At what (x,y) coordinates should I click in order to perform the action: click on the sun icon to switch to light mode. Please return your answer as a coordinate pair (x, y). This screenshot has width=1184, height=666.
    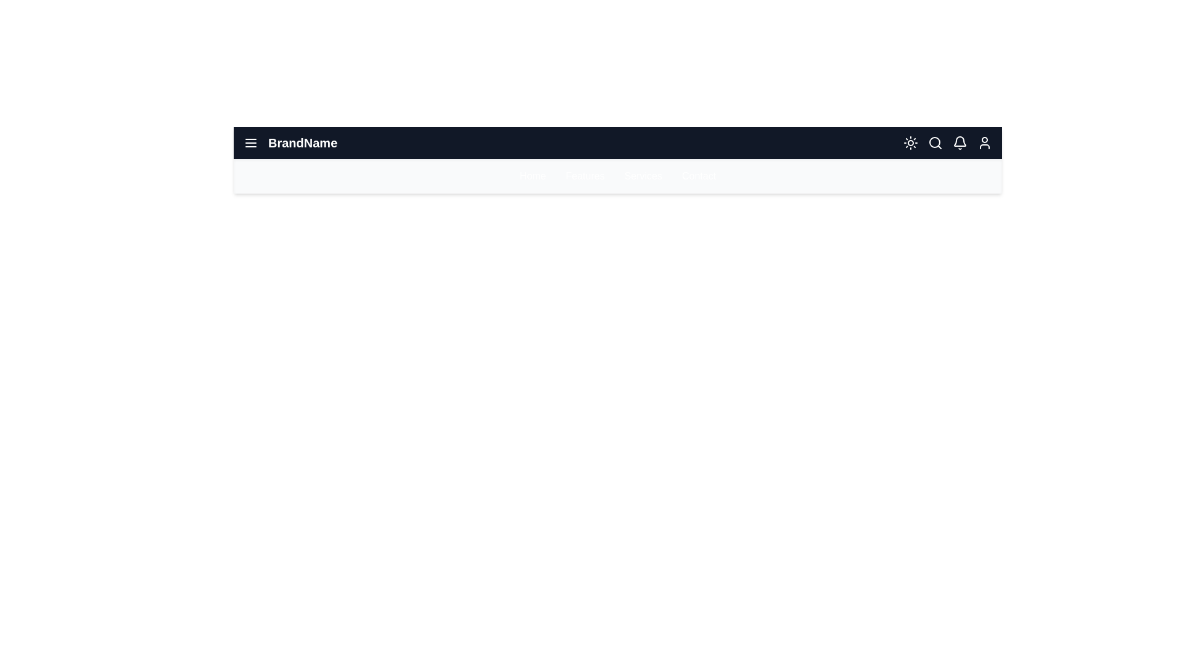
    Looking at the image, I should click on (911, 142).